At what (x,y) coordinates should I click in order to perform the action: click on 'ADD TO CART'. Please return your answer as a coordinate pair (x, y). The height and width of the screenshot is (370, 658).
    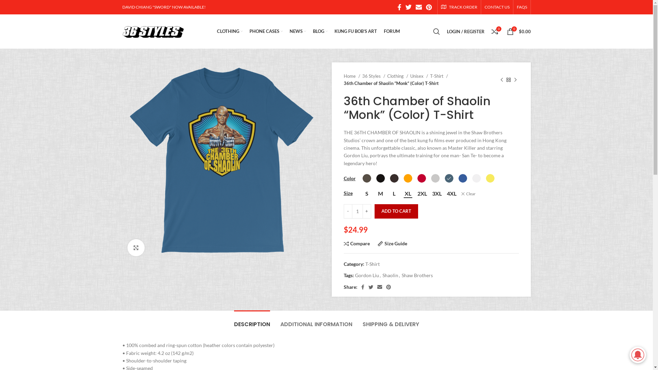
    Looking at the image, I should click on (396, 211).